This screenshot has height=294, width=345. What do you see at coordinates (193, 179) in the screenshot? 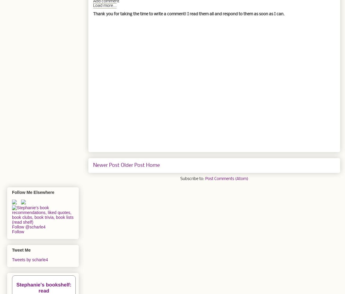
I see `'Subscribe to:'` at bounding box center [193, 179].